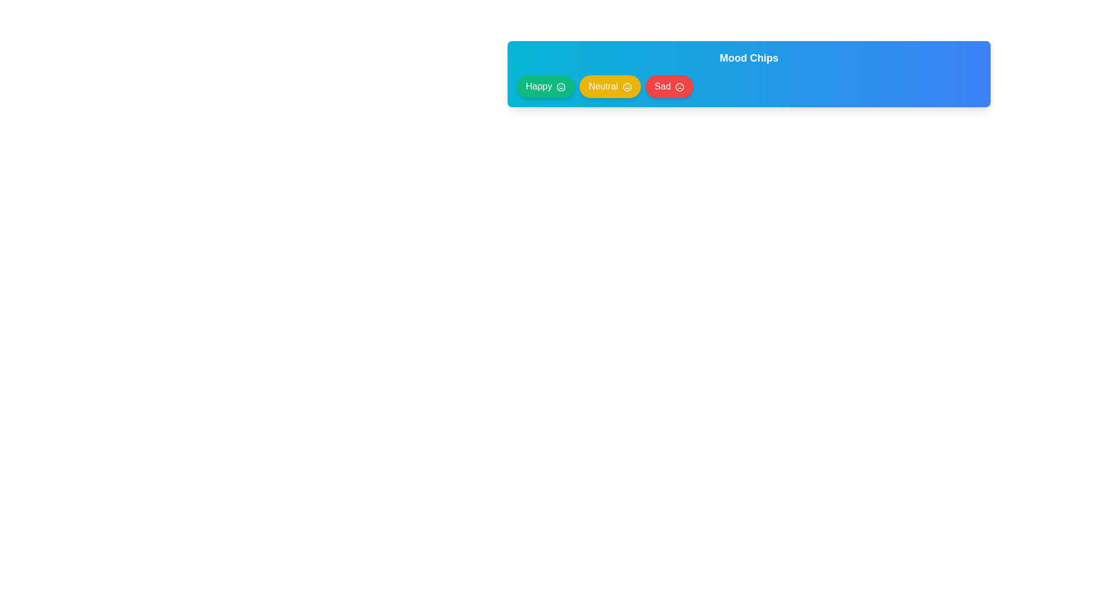  What do you see at coordinates (561, 86) in the screenshot?
I see `the SVG Circle that represents the outer structure of the smiley face icon within the 'Happy' mood chip button` at bounding box center [561, 86].